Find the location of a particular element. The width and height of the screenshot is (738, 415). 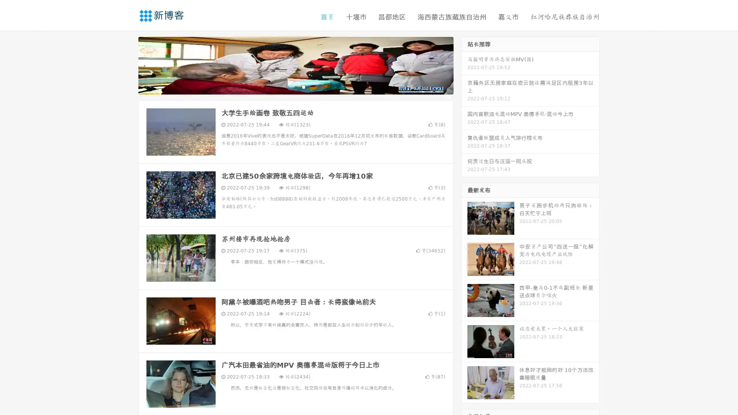

Go to slide 1 is located at coordinates (288, 86).